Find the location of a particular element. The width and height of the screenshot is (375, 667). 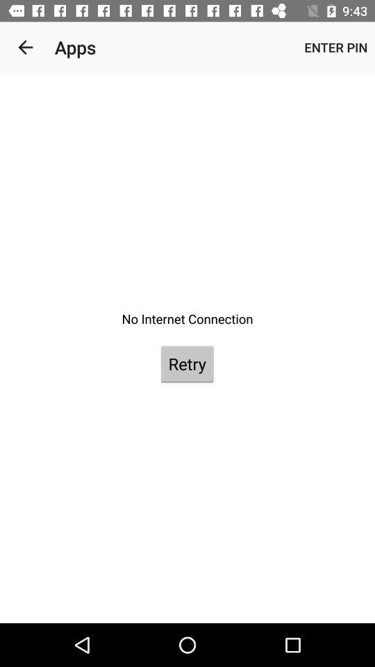

the item to the right of the apps app is located at coordinates (335, 47).